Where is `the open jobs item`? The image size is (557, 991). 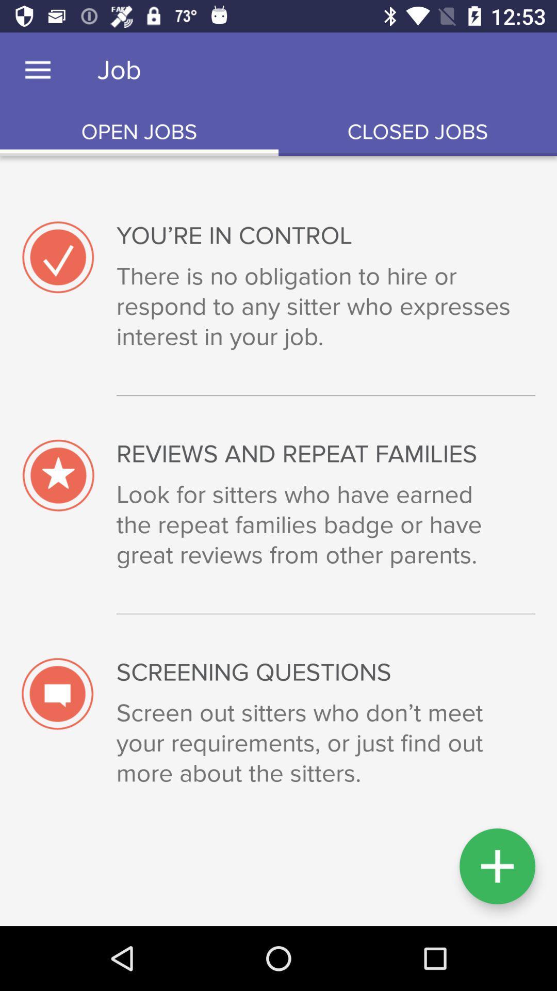
the open jobs item is located at coordinates (139, 132).